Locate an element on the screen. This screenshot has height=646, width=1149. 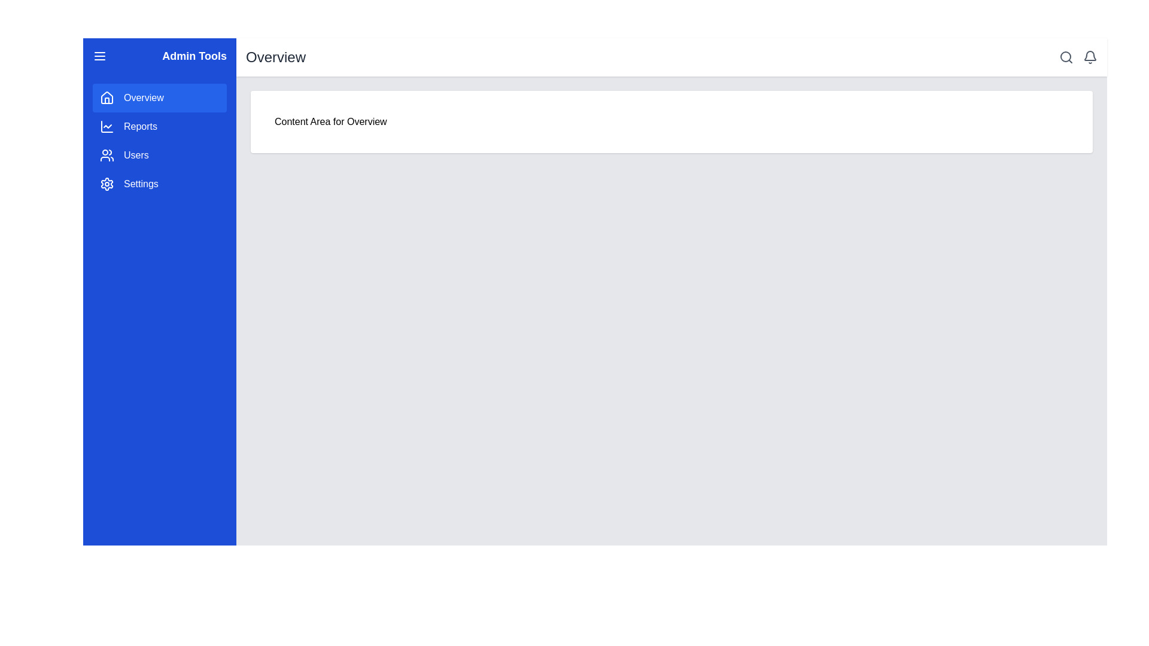
the gear icon in the blue sidebar menu is located at coordinates (107, 184).